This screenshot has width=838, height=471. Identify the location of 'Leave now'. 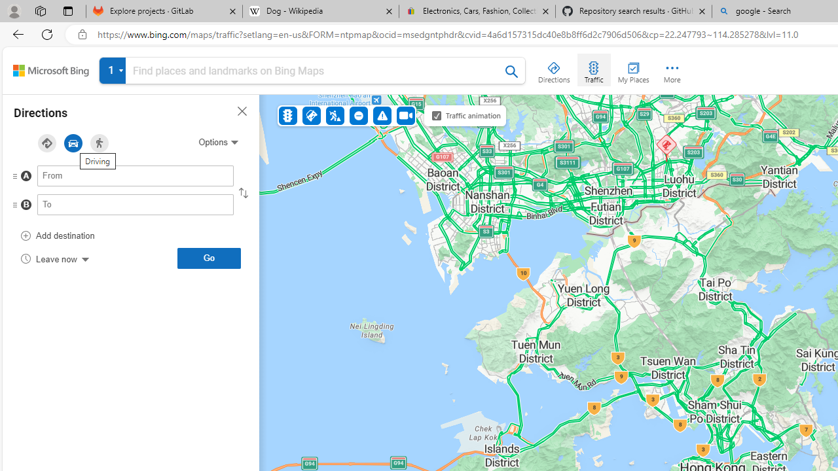
(54, 258).